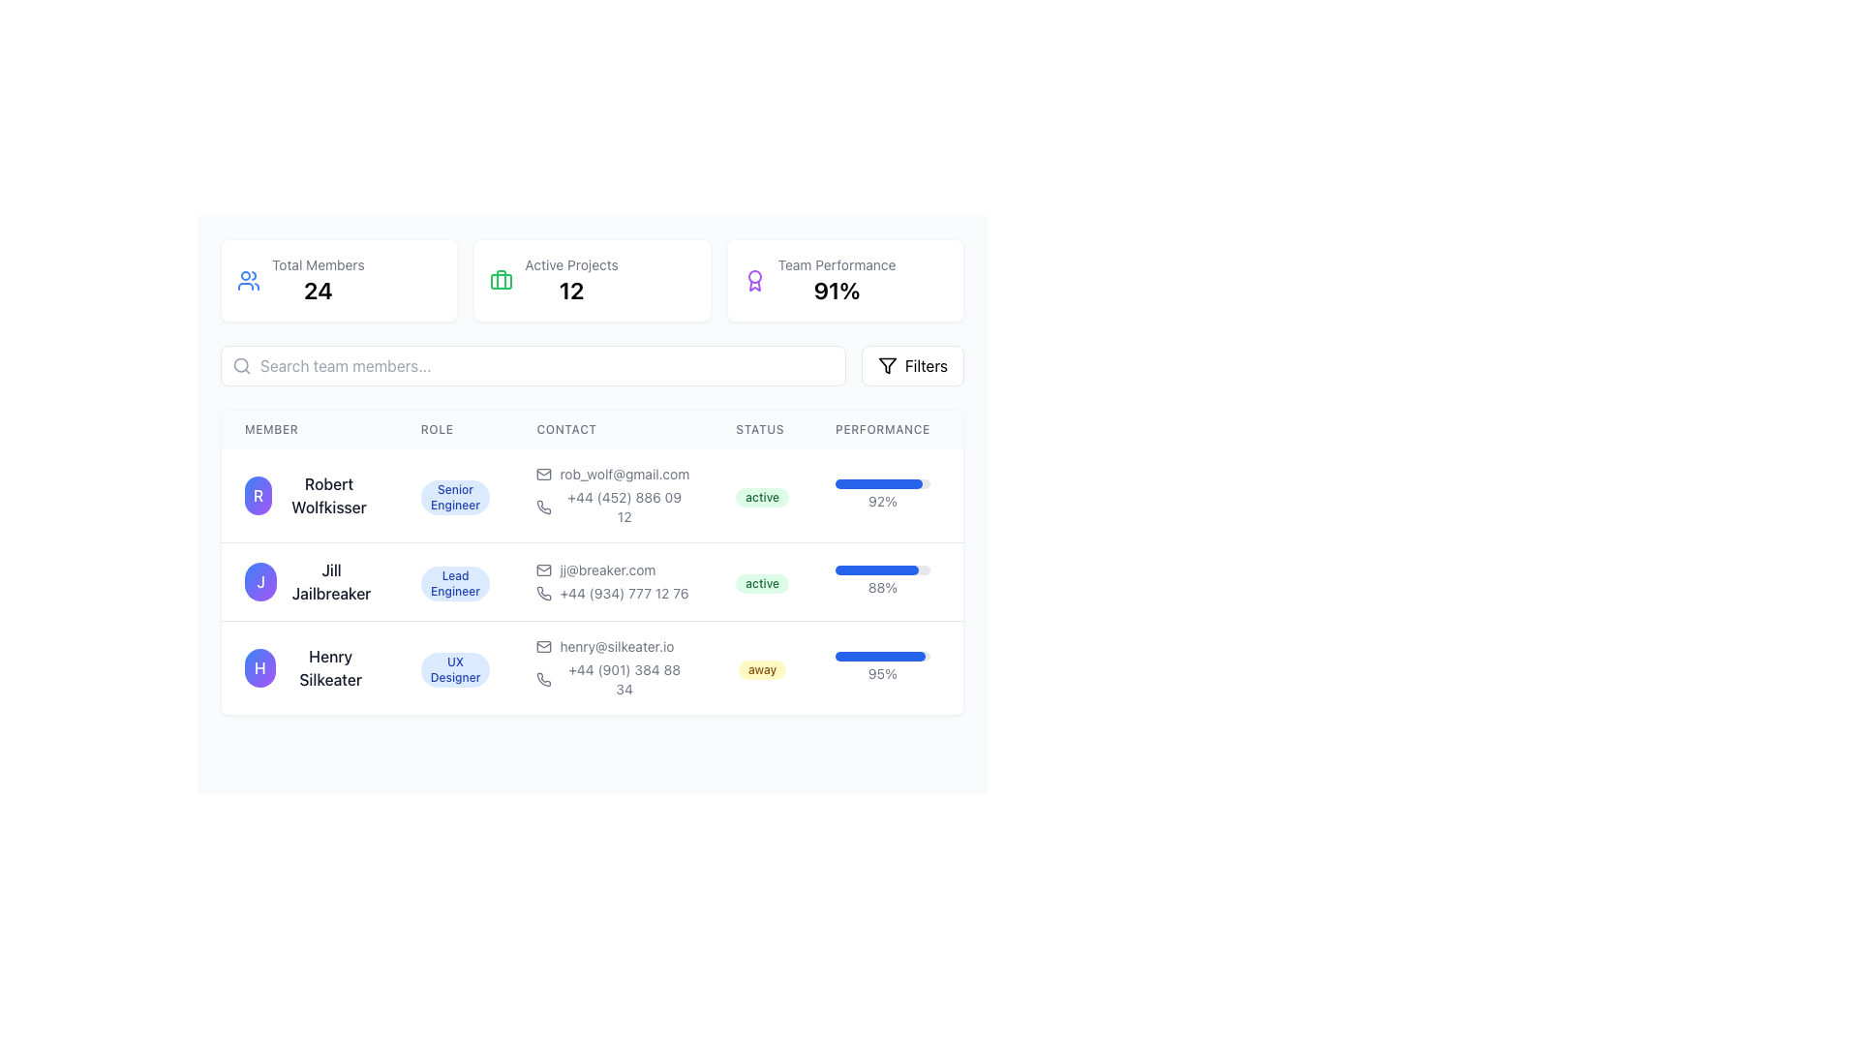 This screenshot has height=1046, width=1859. Describe the element at coordinates (454, 495) in the screenshot. I see `the label styled as a badge with a light blue background and bold text reading 'Senior Engineer', located in the 'ROLE' column adjacent to the 'Robert Wolfkisser' row` at that location.